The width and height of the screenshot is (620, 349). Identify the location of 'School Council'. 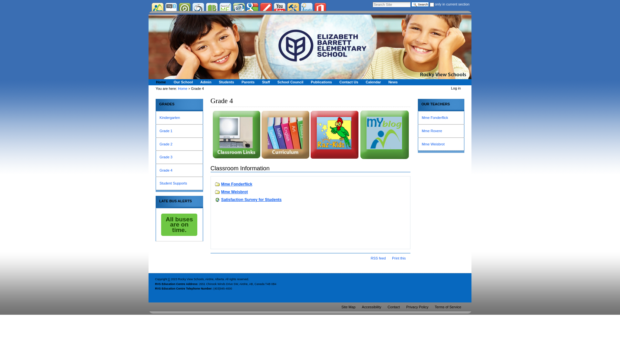
(289, 82).